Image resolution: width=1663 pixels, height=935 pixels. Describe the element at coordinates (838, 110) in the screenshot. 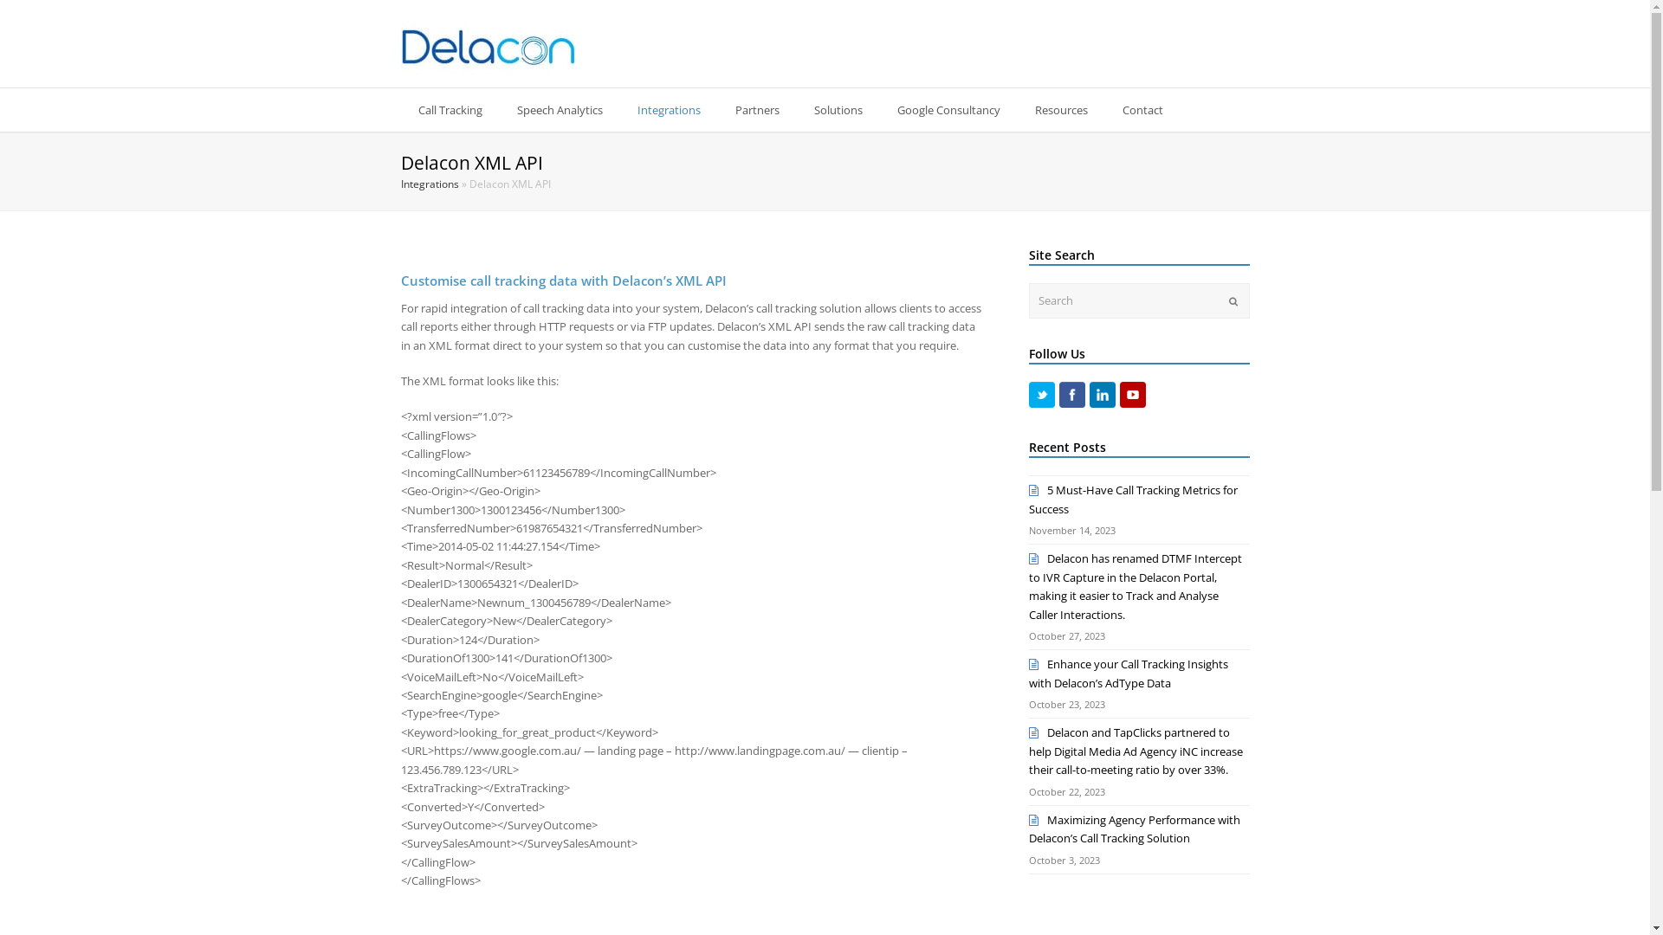

I see `'Solutions'` at that location.